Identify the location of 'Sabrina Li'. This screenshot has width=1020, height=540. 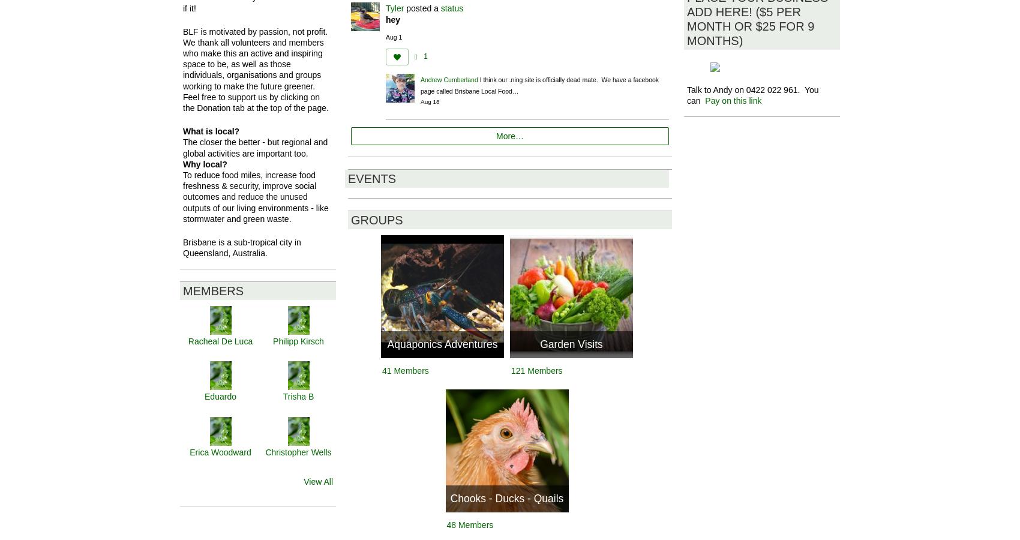
(298, 507).